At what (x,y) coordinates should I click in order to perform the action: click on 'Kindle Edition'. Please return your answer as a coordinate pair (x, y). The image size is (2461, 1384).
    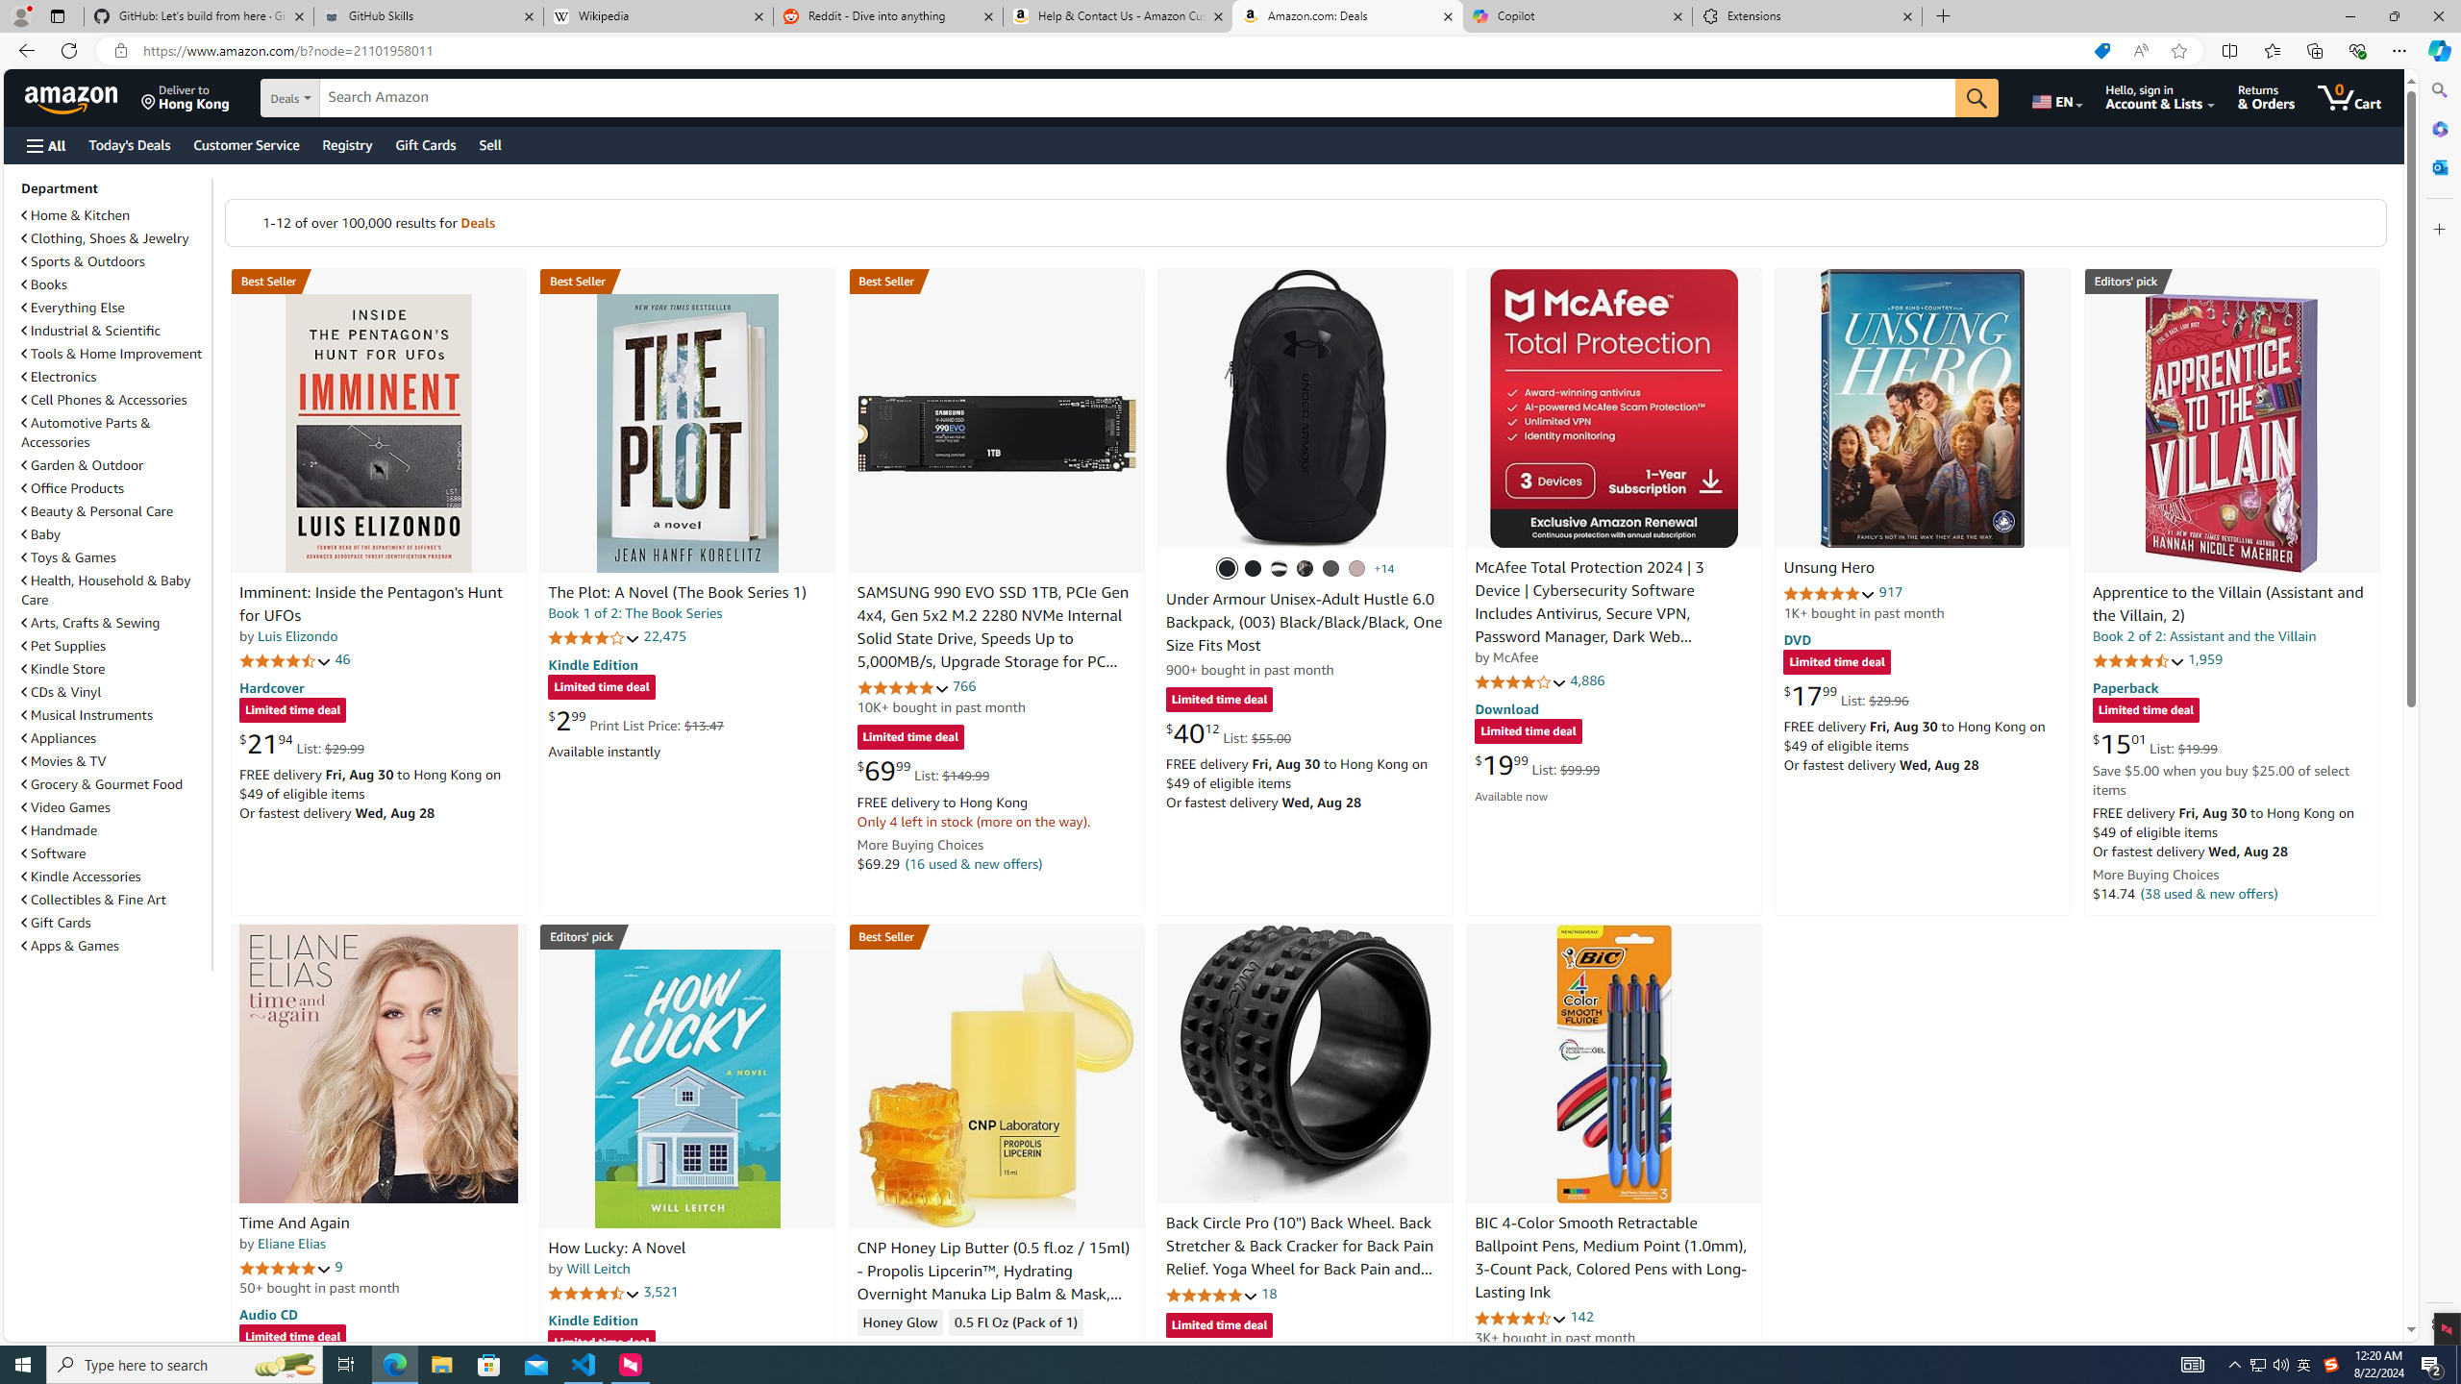
    Looking at the image, I should click on (591, 1319).